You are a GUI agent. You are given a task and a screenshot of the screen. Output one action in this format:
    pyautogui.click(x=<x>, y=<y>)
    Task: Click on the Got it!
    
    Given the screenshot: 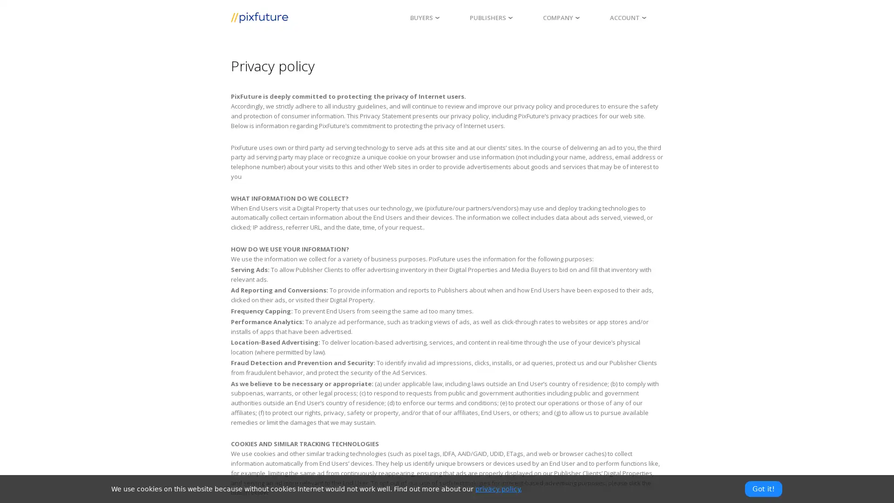 What is the action you would take?
    pyautogui.click(x=763, y=488)
    